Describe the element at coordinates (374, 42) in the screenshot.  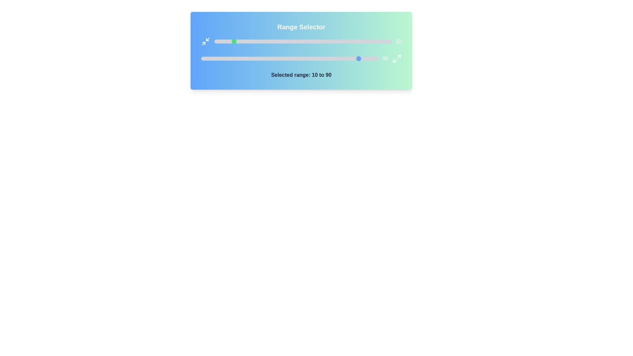
I see `the slider value` at that location.